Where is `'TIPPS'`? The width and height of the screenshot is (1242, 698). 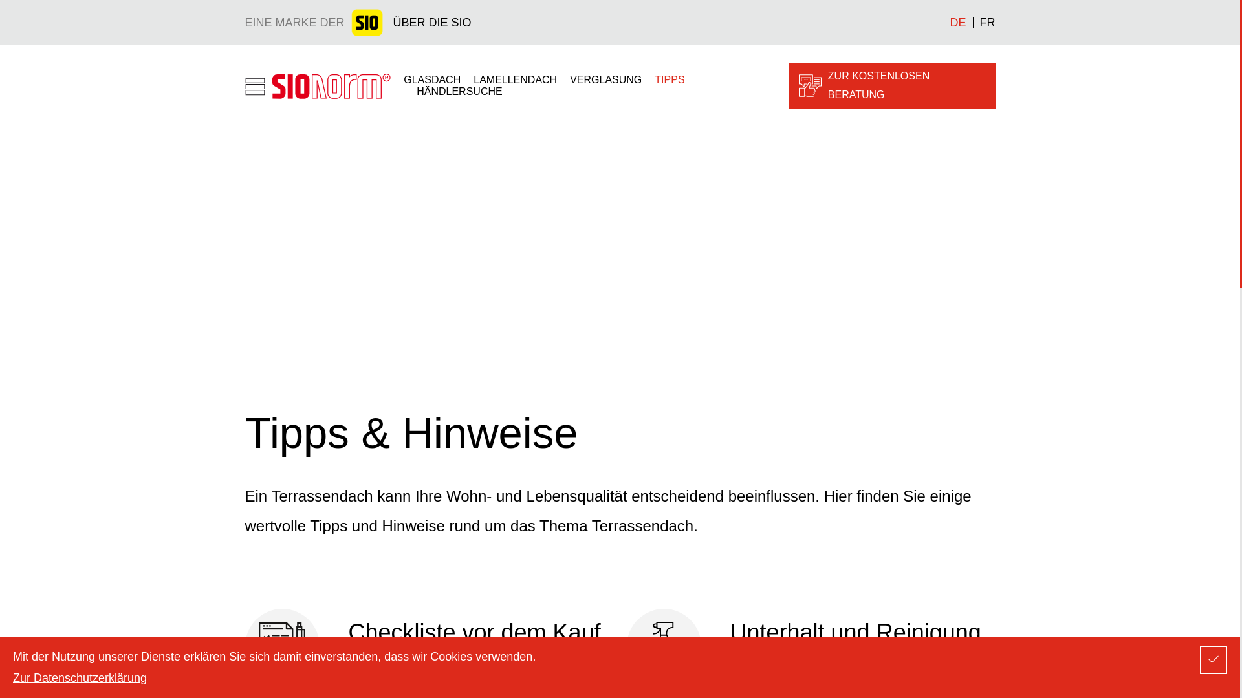 'TIPPS' is located at coordinates (670, 79).